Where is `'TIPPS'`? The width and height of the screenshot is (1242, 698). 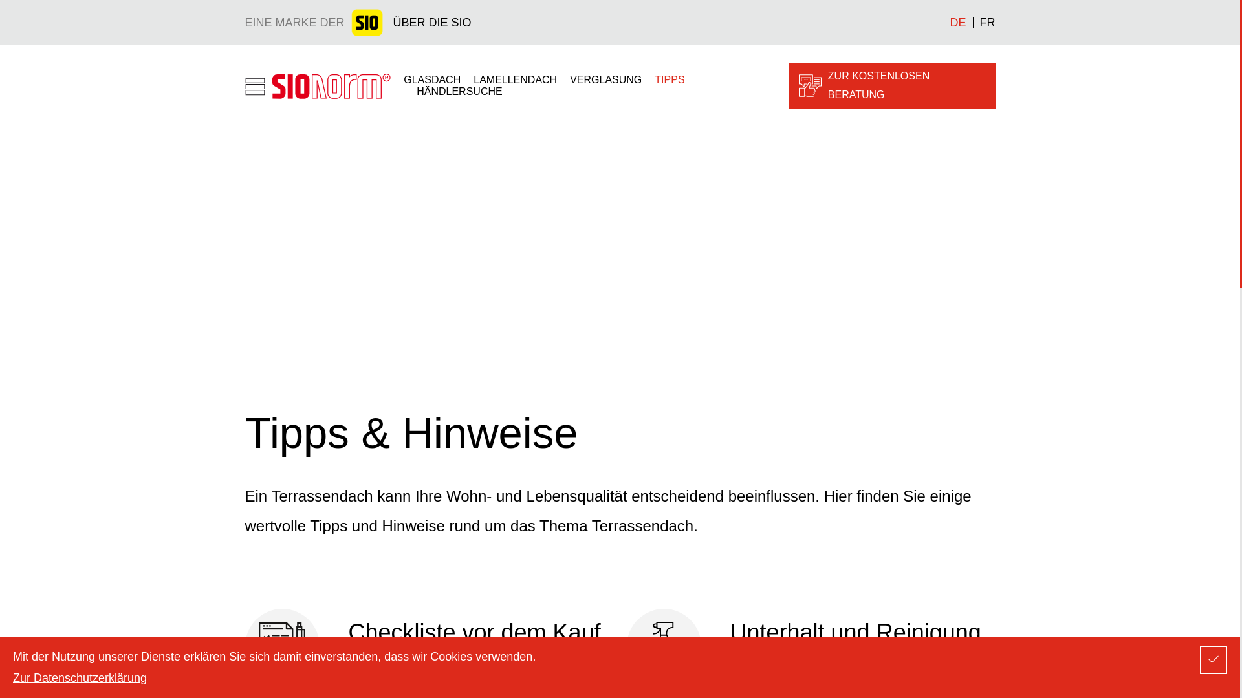 'TIPPS' is located at coordinates (670, 79).